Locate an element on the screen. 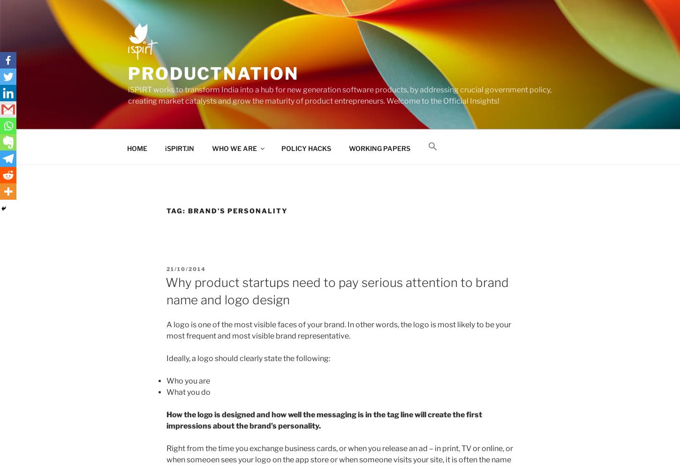 The height and width of the screenshot is (467, 680). 'POLICY HACKS' is located at coordinates (305, 147).